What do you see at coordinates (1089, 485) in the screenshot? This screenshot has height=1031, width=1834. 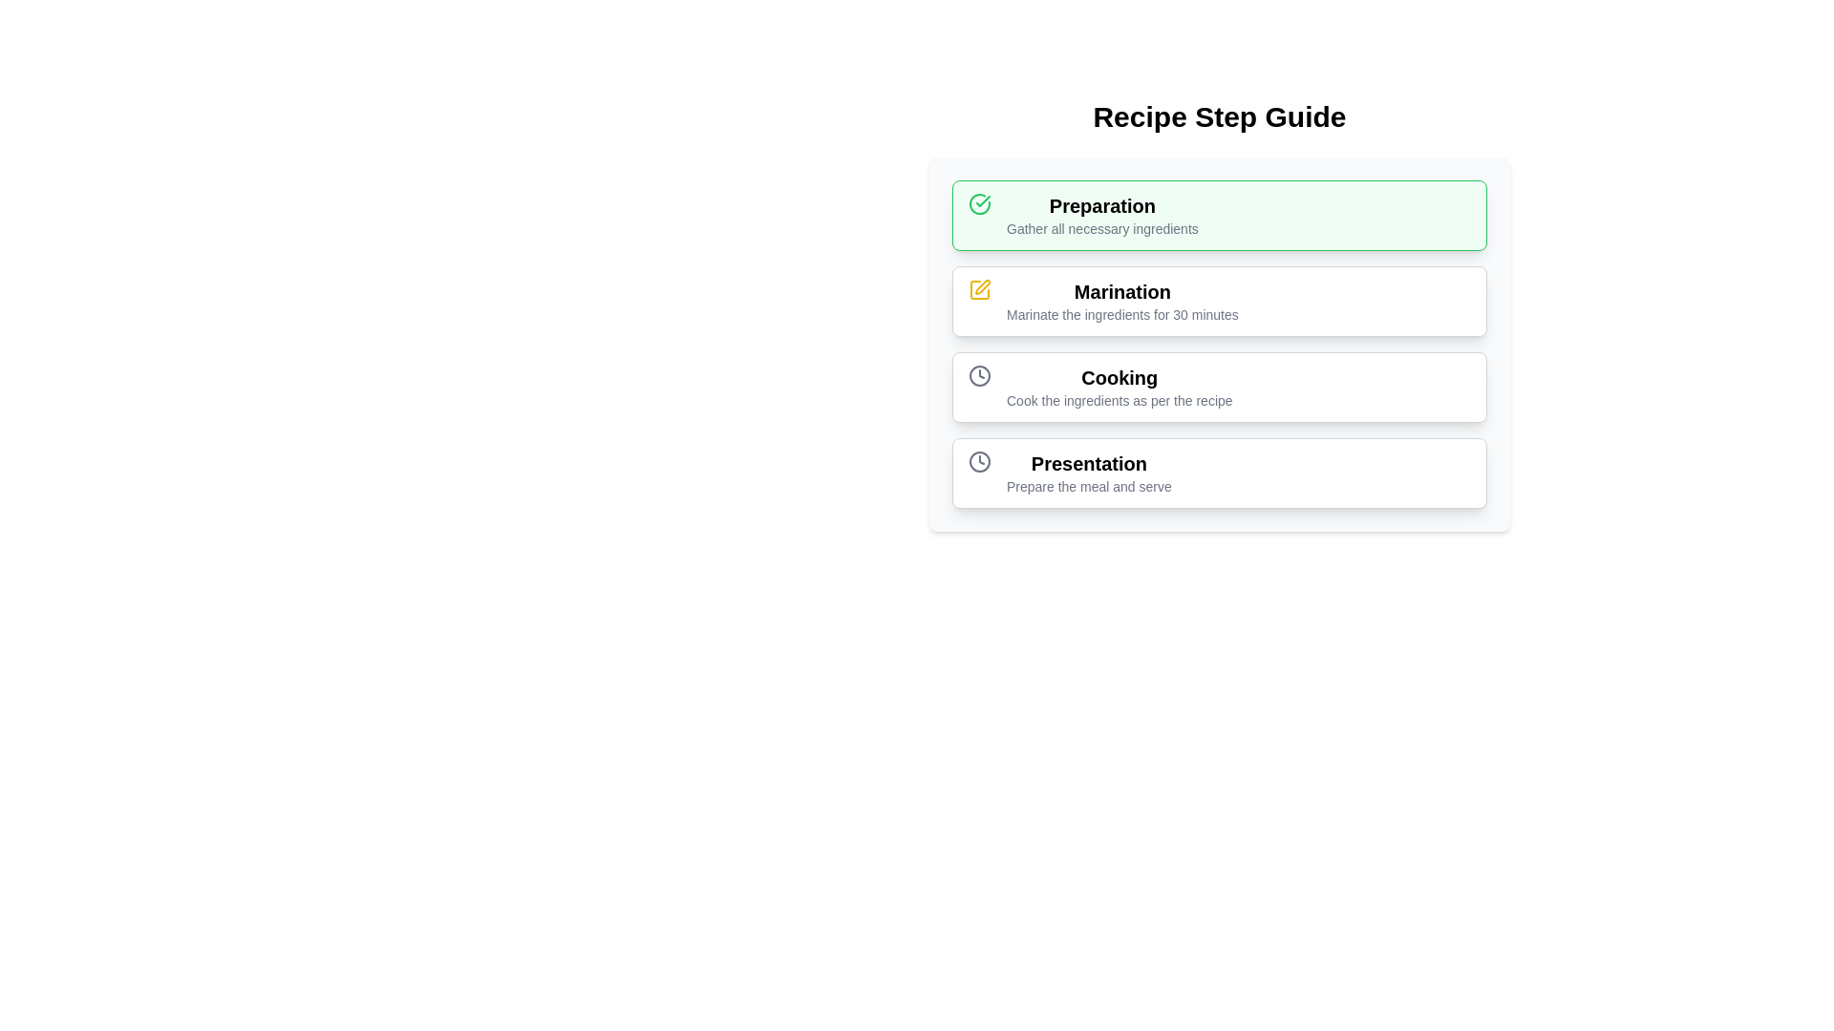 I see `information provided in the Text Label located beneath the 'Presentation' title in the fourth section of the recipe steps` at bounding box center [1089, 485].